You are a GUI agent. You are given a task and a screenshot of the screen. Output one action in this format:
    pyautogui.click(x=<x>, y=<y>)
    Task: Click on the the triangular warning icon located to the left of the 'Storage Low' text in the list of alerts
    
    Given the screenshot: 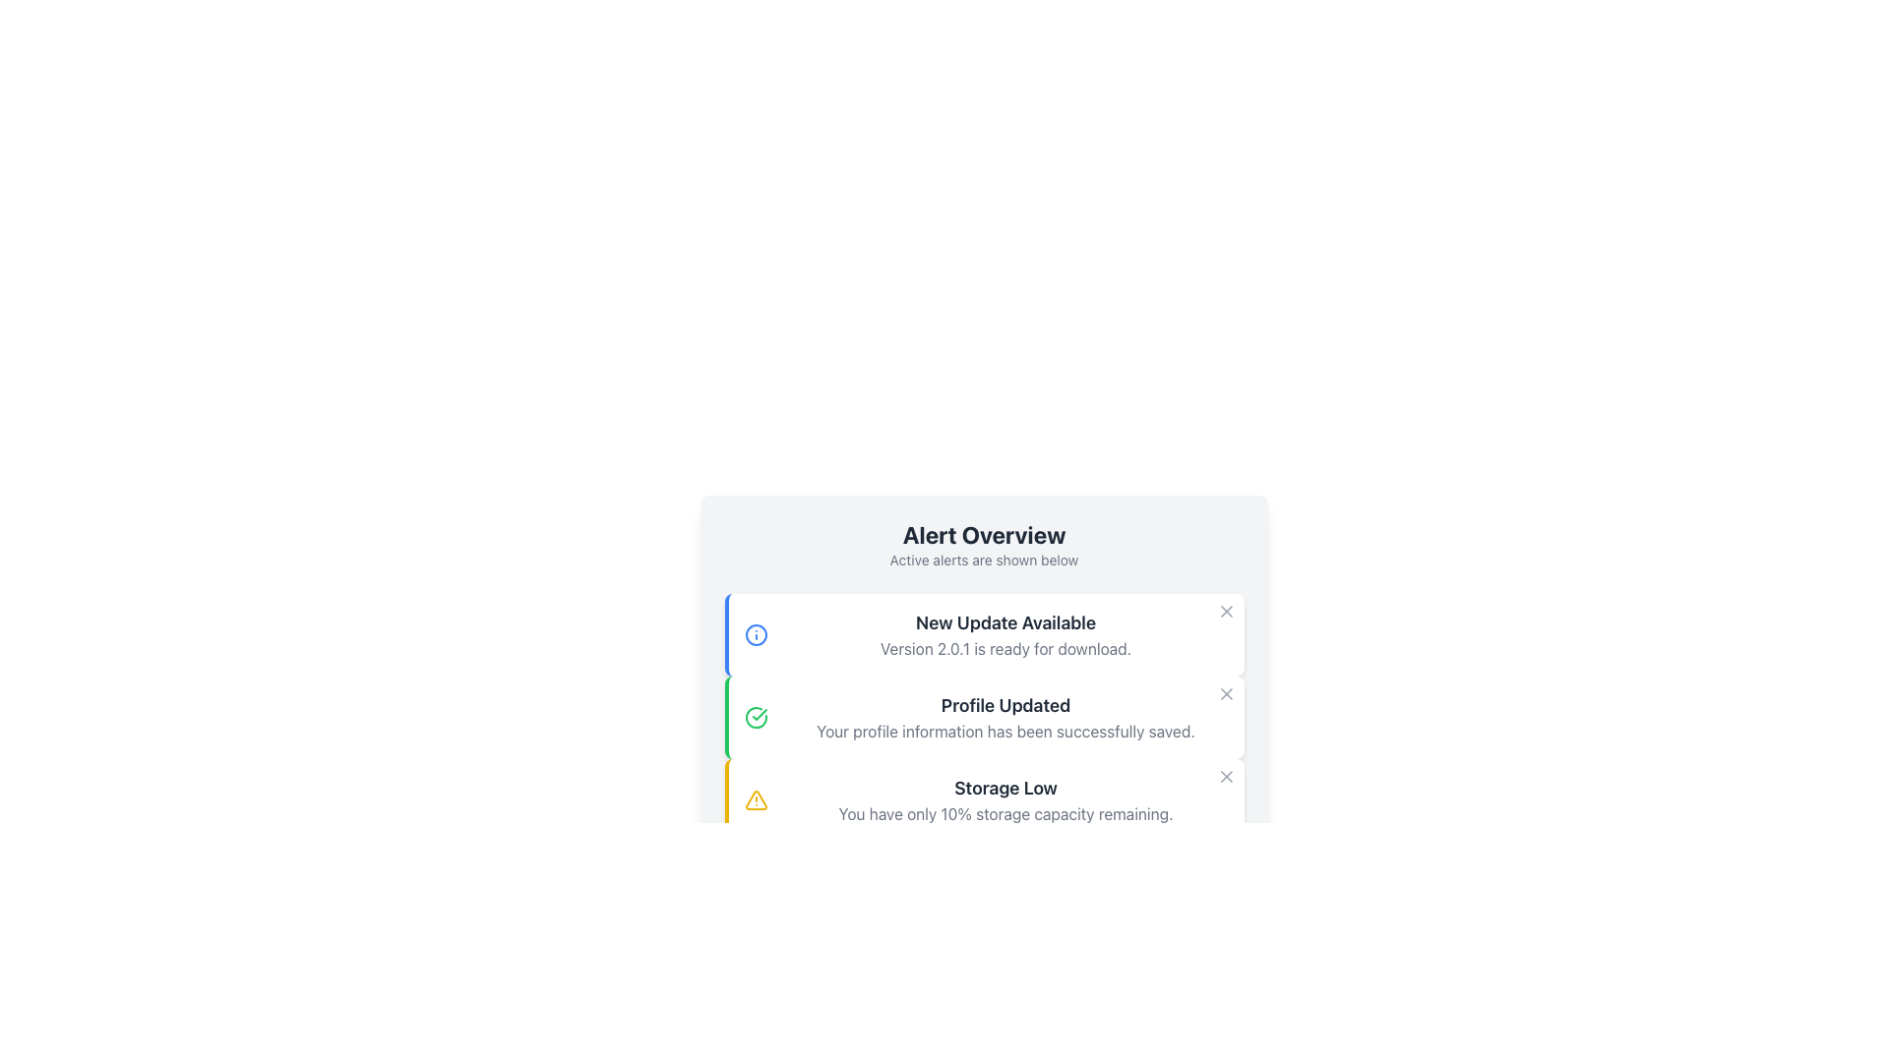 What is the action you would take?
    pyautogui.click(x=755, y=799)
    